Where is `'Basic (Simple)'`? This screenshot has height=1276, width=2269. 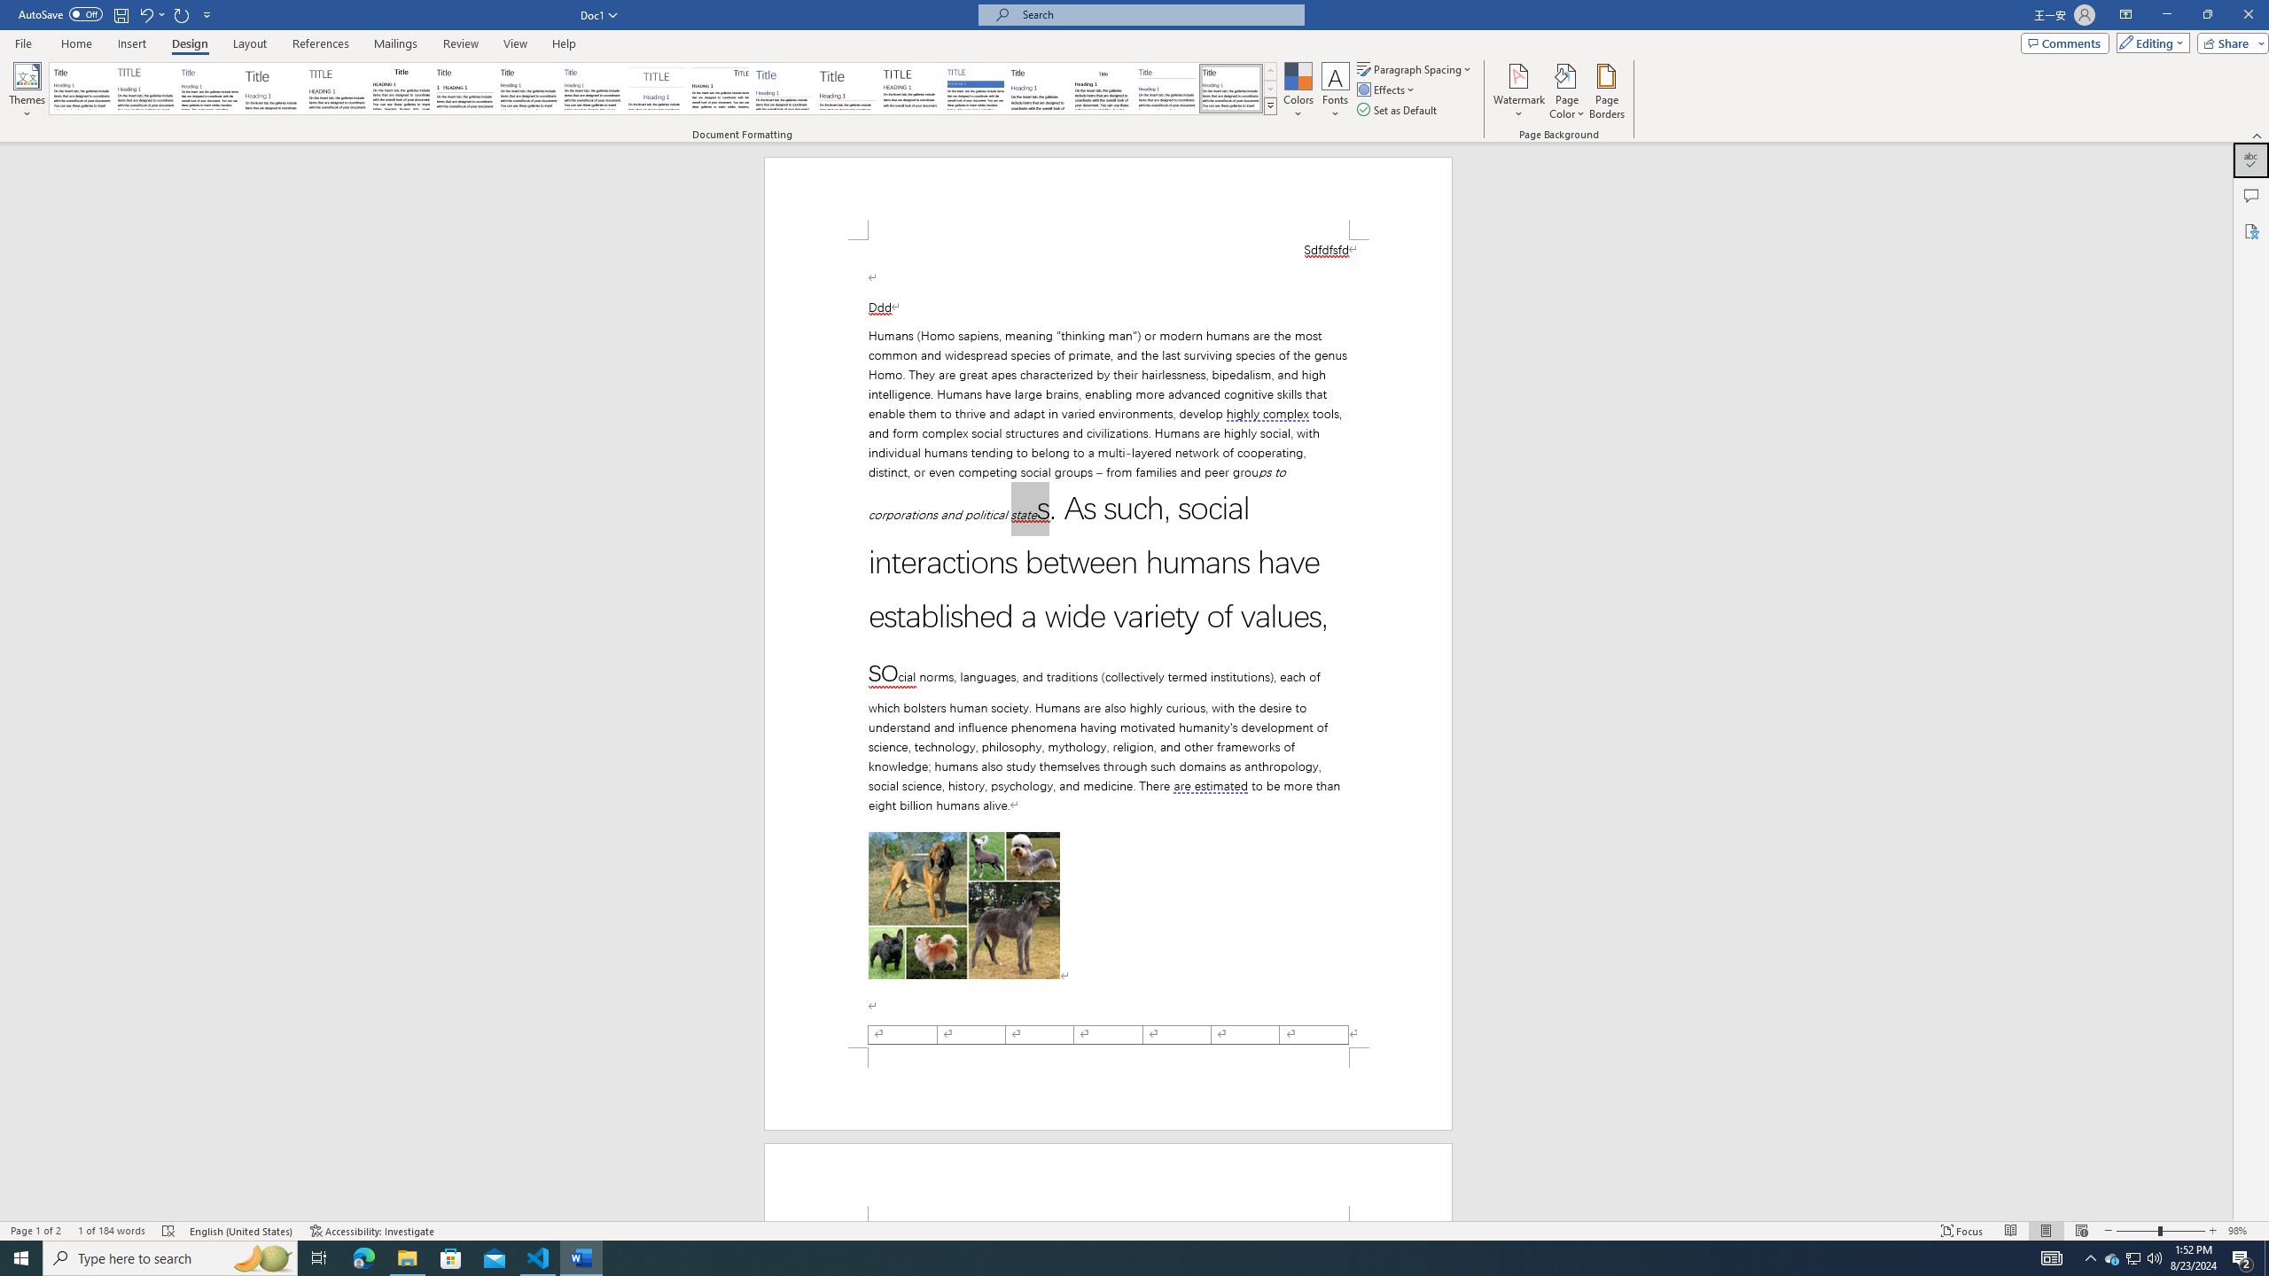 'Basic (Simple)' is located at coordinates (210, 88).